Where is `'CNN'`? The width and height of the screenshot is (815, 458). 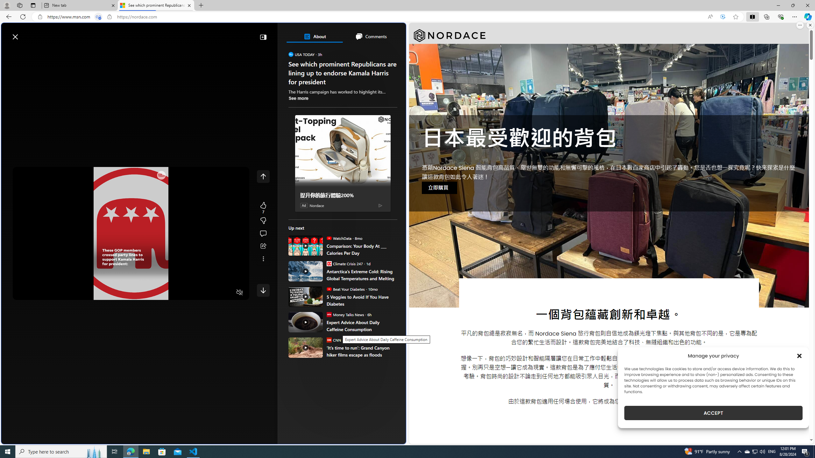 'CNN' is located at coordinates (328, 340).